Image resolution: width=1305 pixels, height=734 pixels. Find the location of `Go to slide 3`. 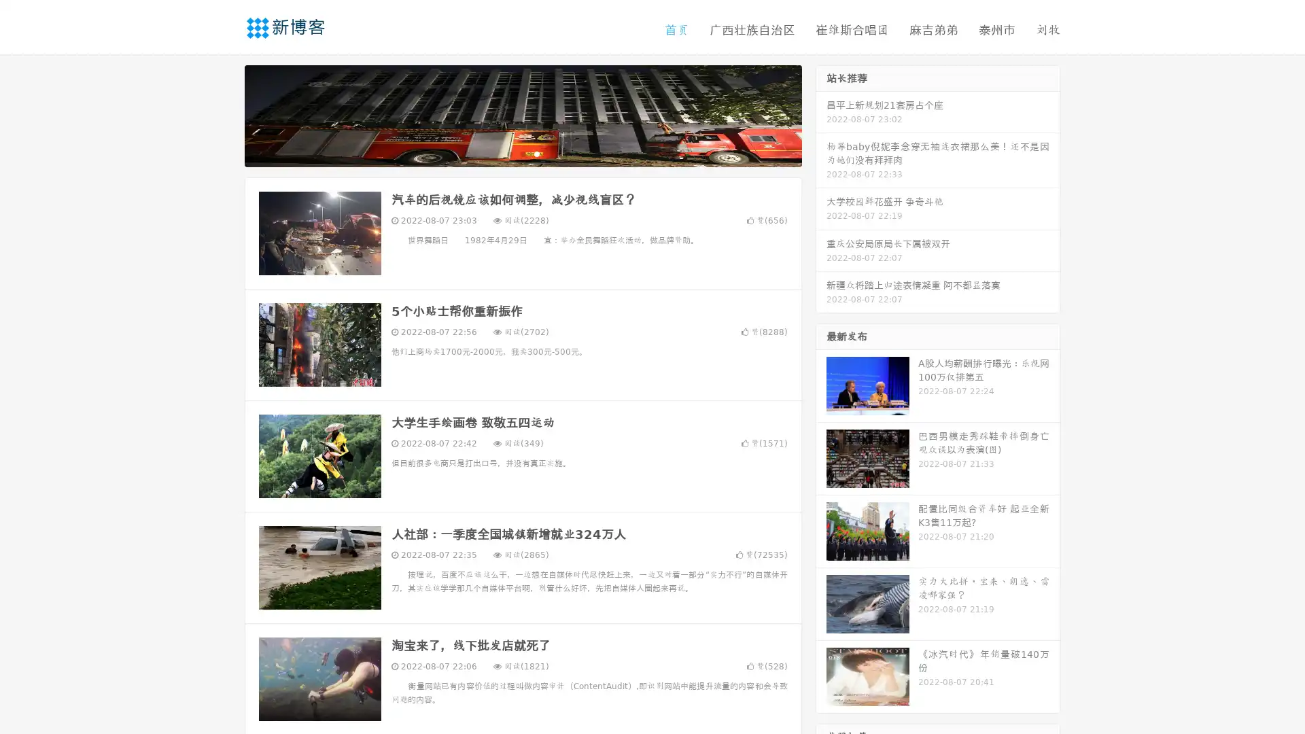

Go to slide 3 is located at coordinates (536, 153).